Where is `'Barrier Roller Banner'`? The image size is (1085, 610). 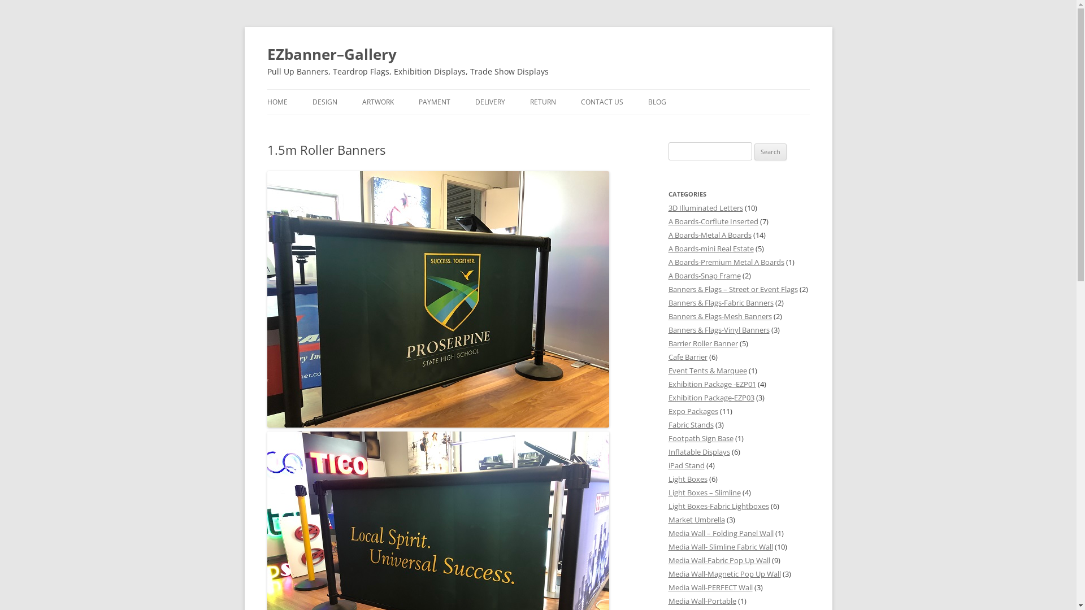 'Barrier Roller Banner' is located at coordinates (702, 343).